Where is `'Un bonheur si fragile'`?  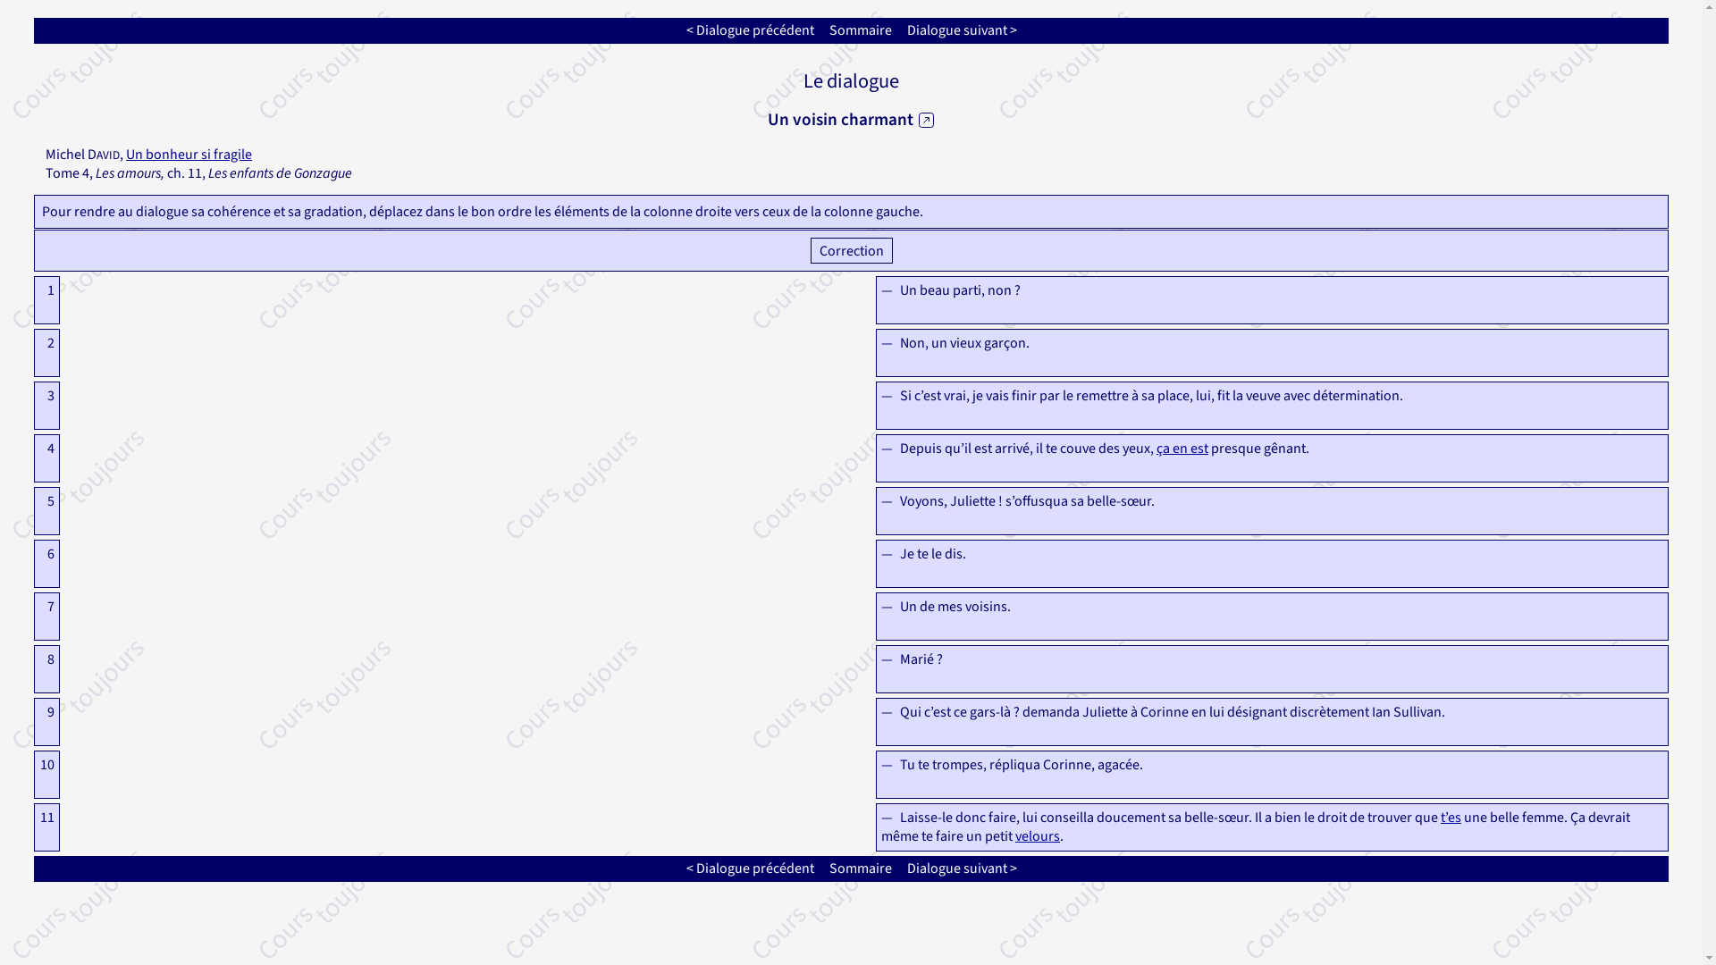
'Un bonheur si fragile' is located at coordinates (189, 154).